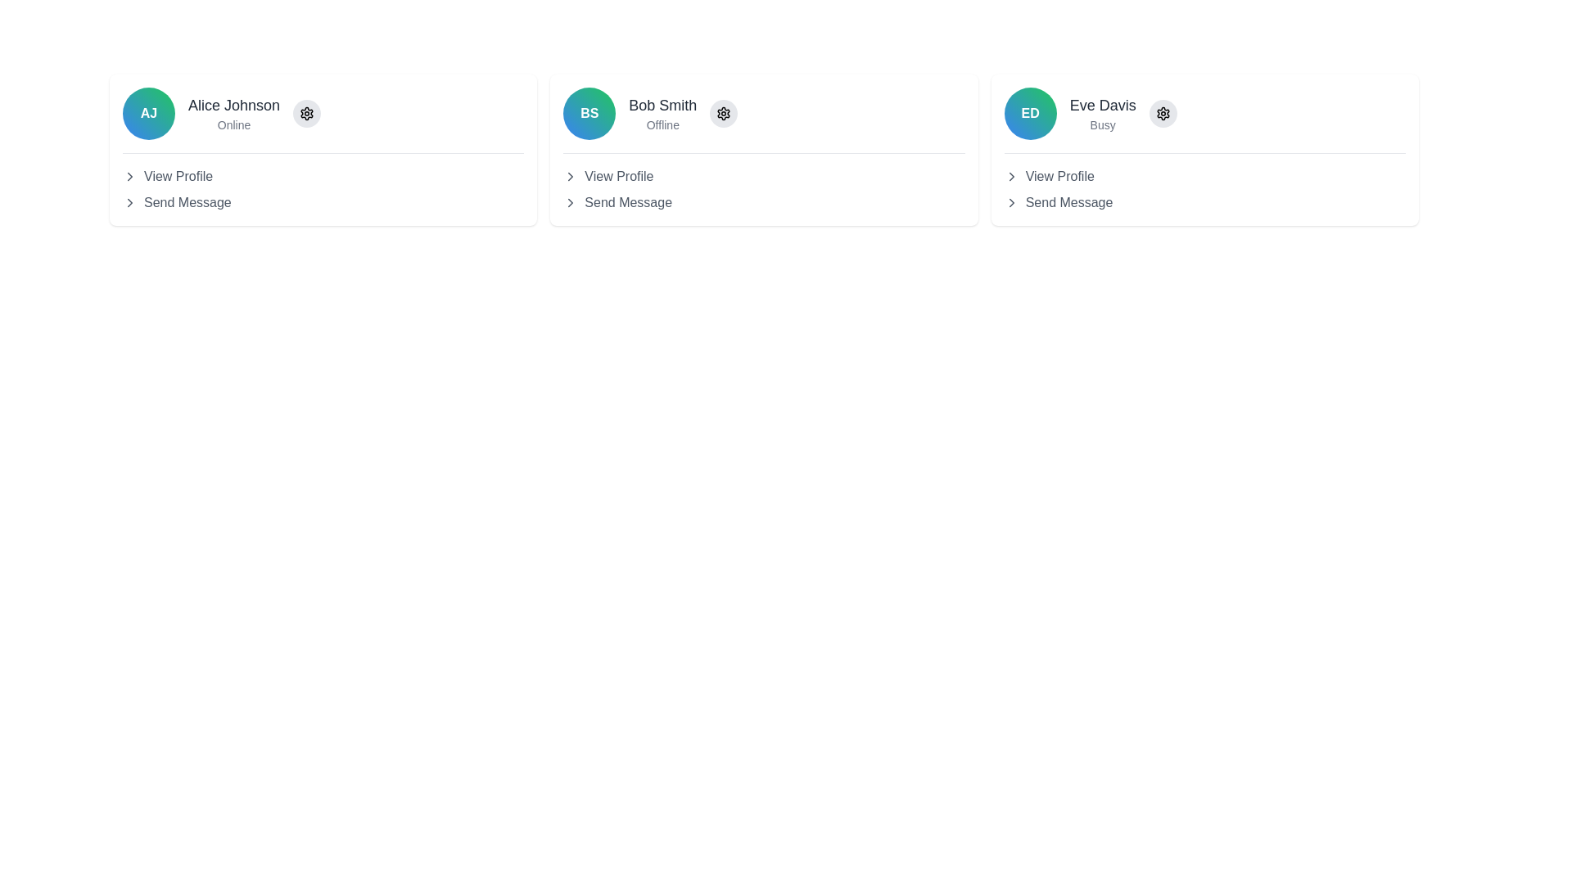 The height and width of the screenshot is (884, 1572). I want to click on the 'View Profile' text link located under the user's name 'Eve Davis' and status 'Busy' in the rightmost user profile card, so click(1059, 177).